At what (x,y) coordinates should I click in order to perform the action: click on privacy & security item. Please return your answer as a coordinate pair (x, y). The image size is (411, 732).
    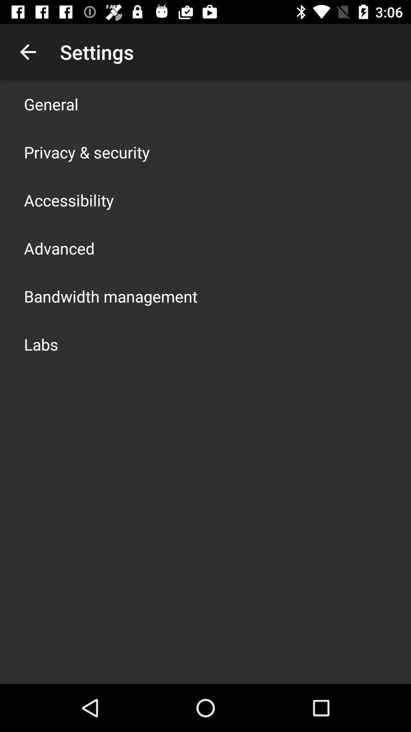
    Looking at the image, I should click on (86, 152).